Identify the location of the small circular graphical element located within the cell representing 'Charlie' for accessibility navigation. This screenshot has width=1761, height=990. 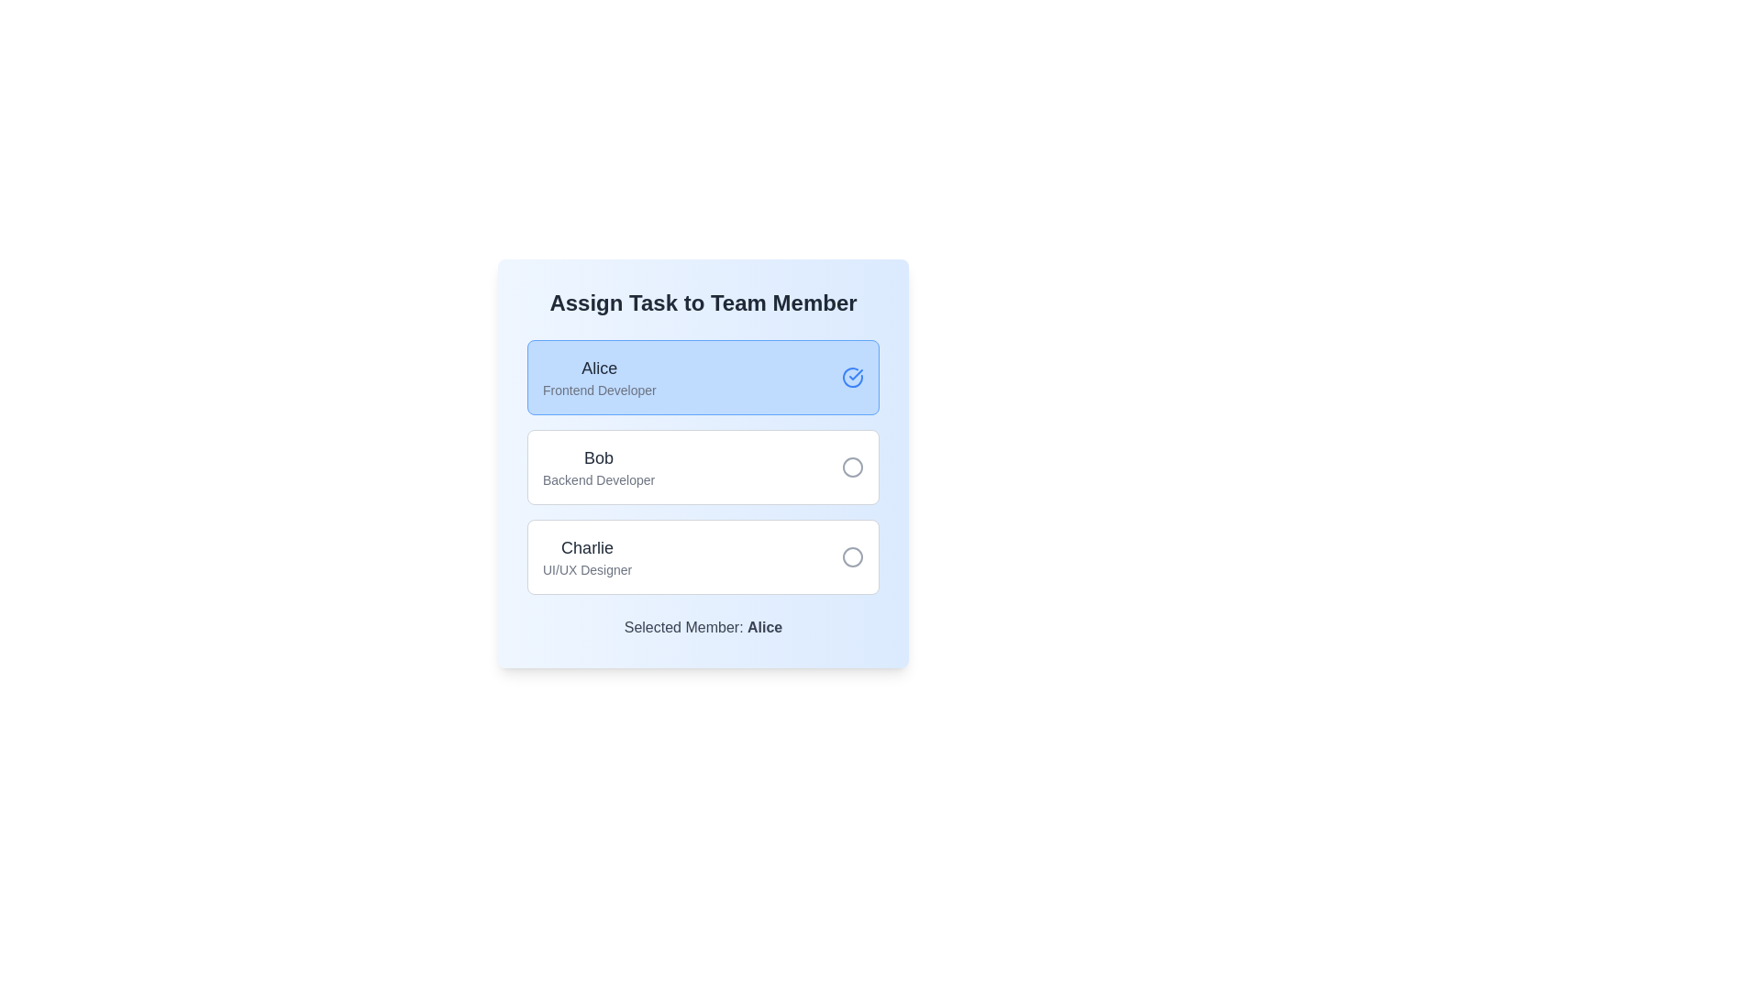
(852, 556).